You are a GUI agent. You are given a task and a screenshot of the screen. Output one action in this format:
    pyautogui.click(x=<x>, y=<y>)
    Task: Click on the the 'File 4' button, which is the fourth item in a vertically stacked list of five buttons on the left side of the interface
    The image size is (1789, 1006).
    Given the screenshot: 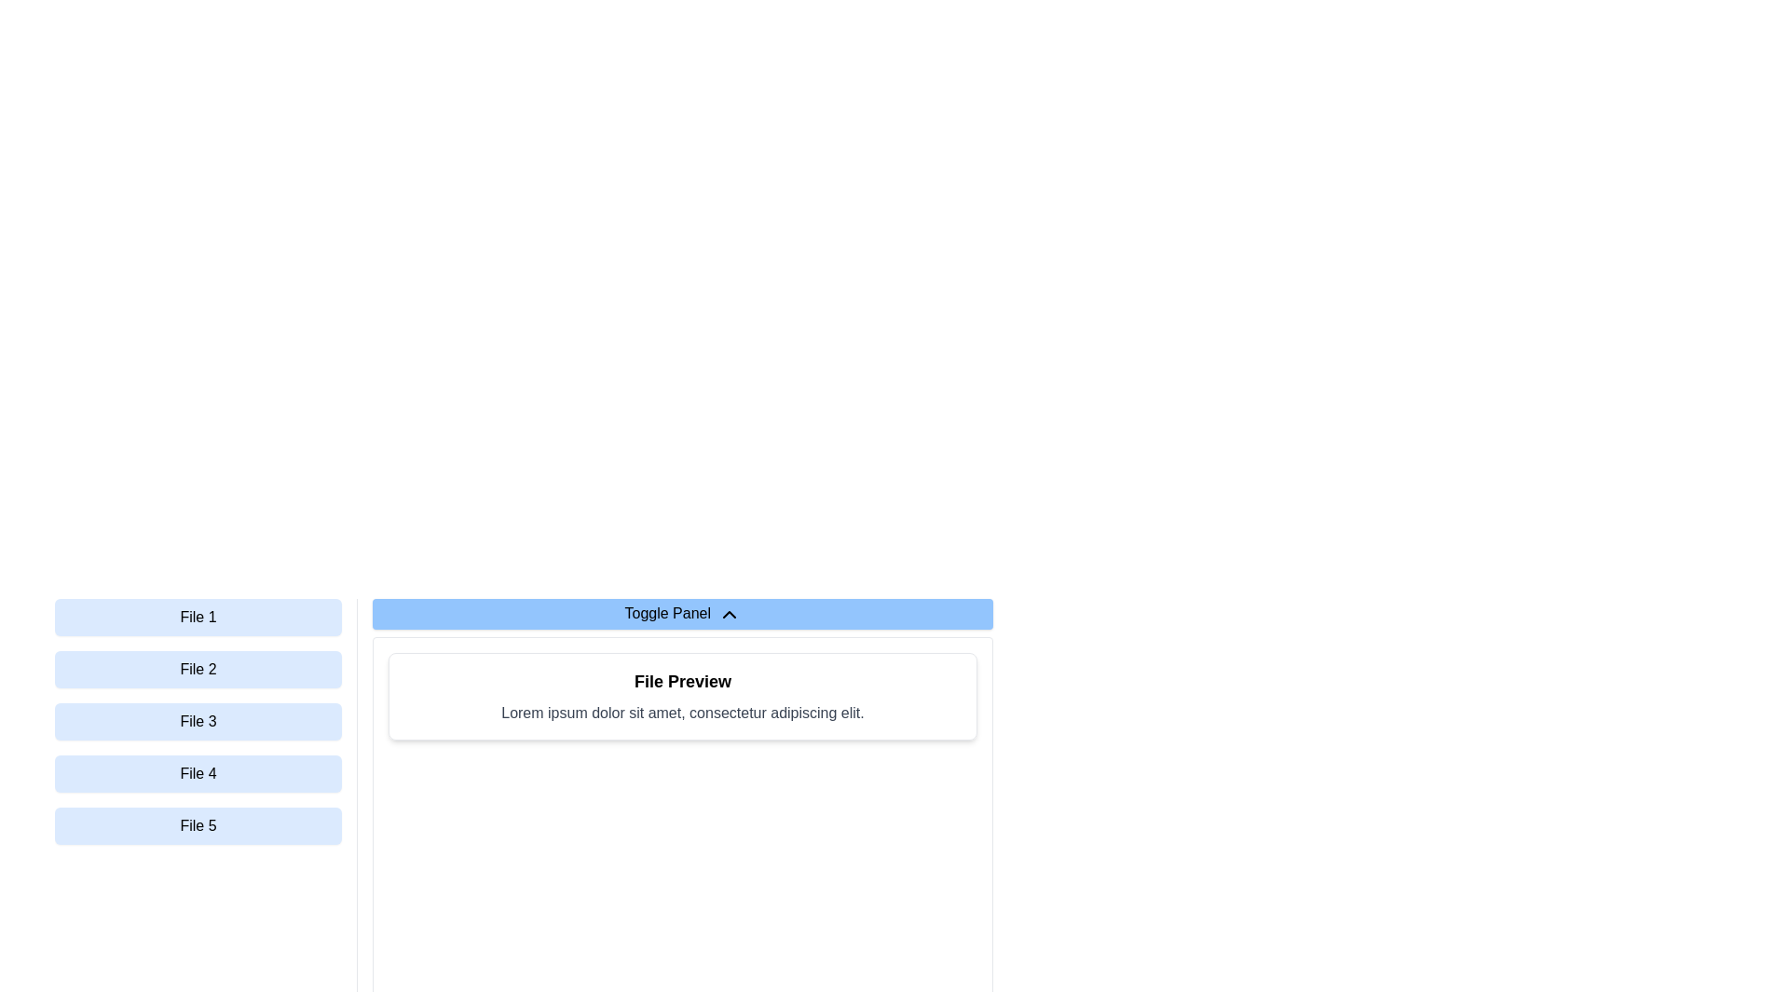 What is the action you would take?
    pyautogui.click(x=198, y=773)
    